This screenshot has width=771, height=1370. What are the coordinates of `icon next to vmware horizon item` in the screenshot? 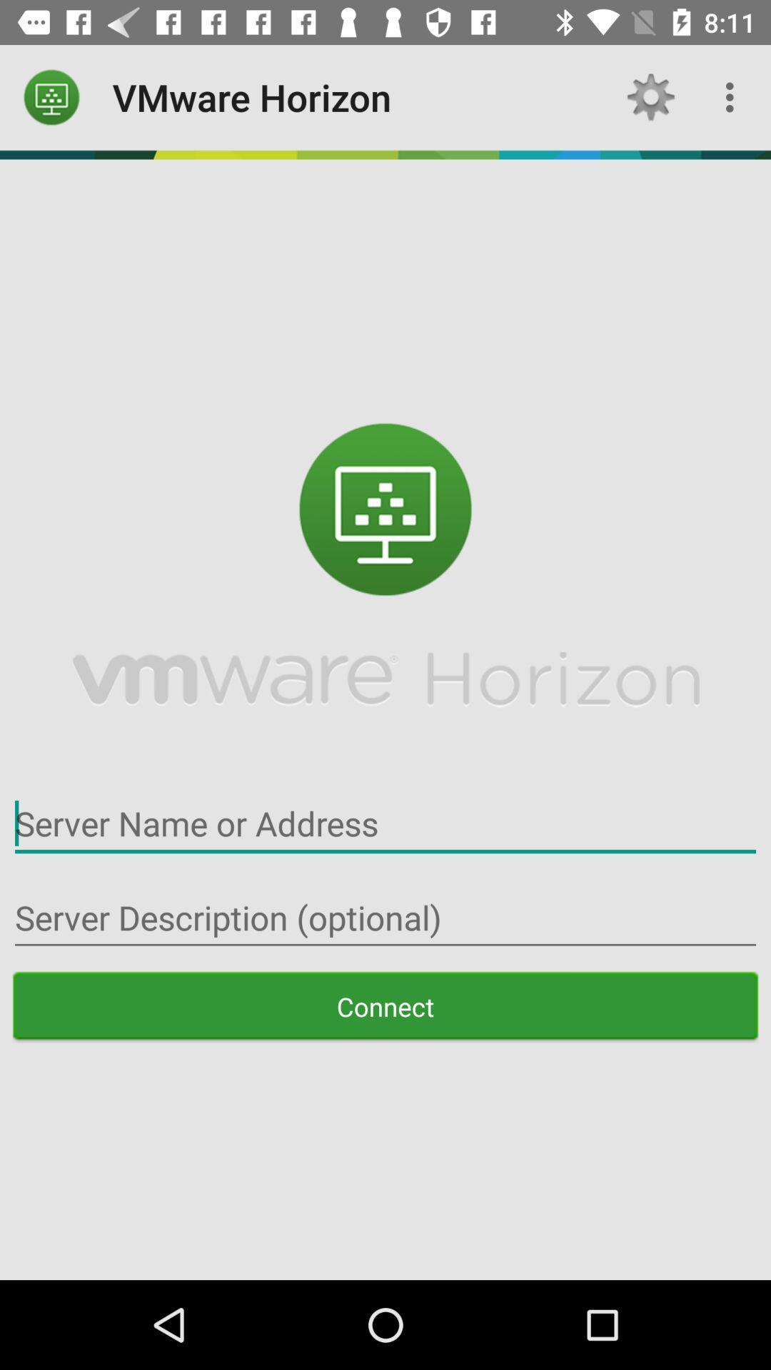 It's located at (51, 96).